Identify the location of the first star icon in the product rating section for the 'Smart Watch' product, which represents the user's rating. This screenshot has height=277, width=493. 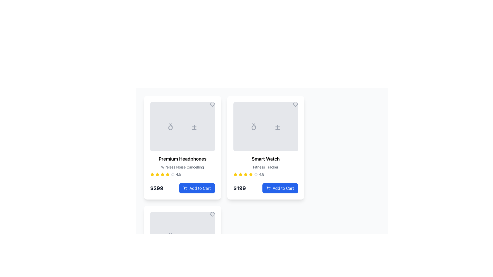
(235, 174).